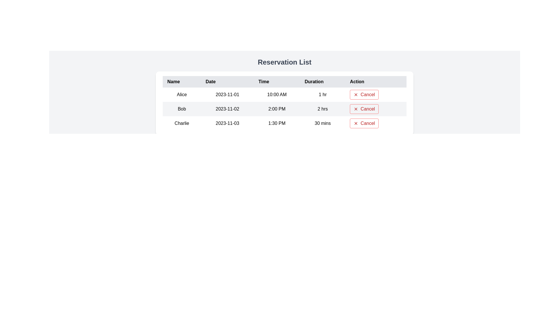 The width and height of the screenshot is (552, 310). What do you see at coordinates (181, 123) in the screenshot?
I see `the text label displaying the name 'Charlie' in the reservation list table, located in the first column of the last row under the 'Name' column` at bounding box center [181, 123].